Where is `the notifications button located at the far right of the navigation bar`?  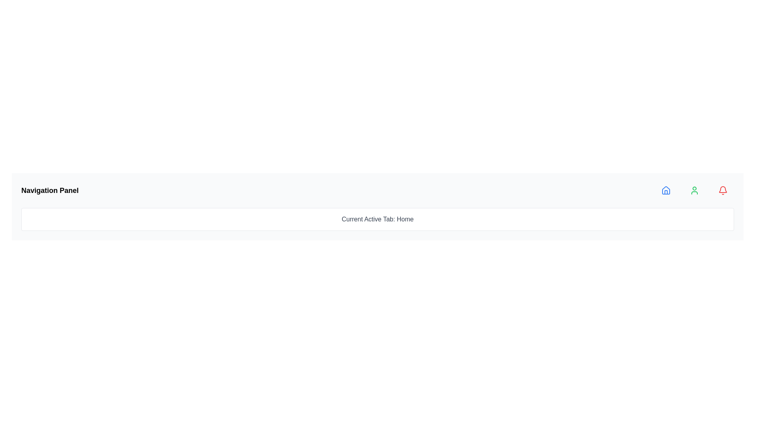
the notifications button located at the far right of the navigation bar is located at coordinates (723, 191).